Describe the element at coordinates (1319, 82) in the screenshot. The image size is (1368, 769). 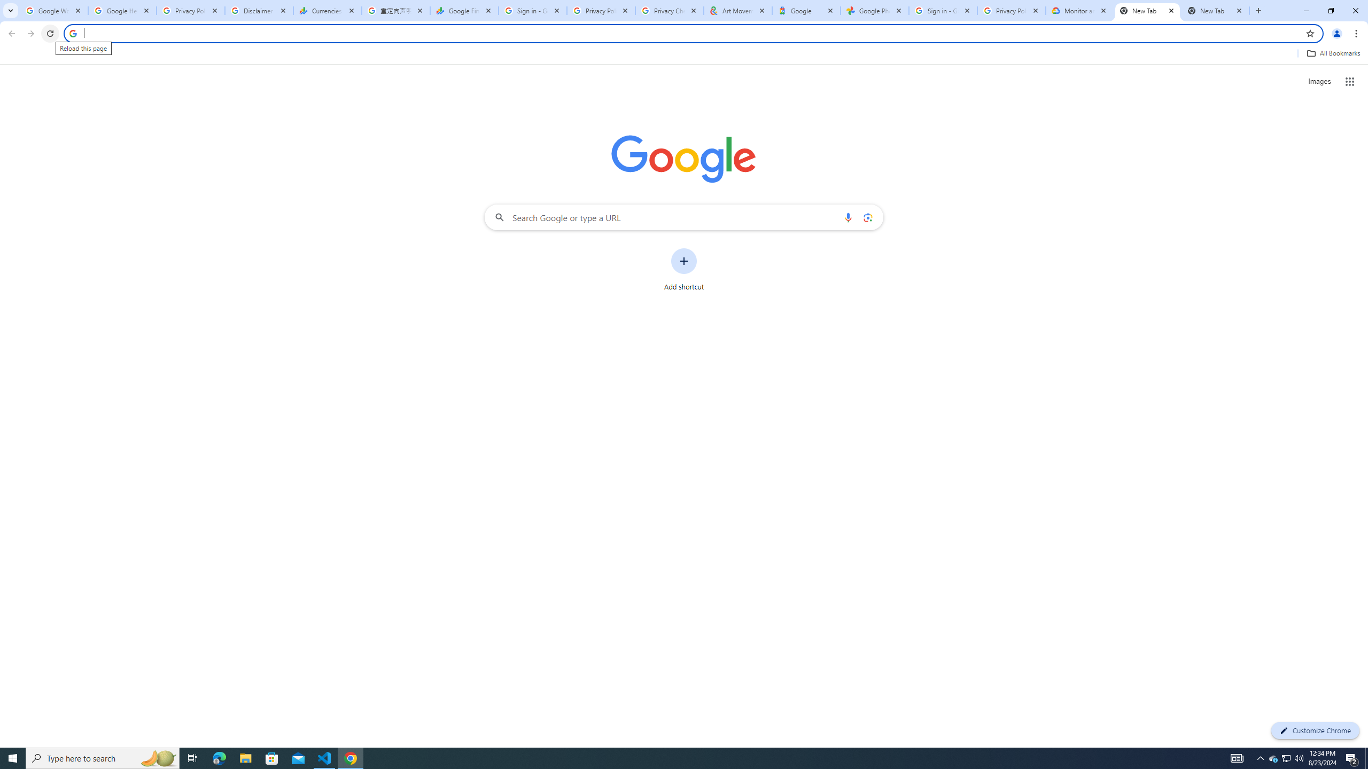
I see `'Search for Images '` at that location.